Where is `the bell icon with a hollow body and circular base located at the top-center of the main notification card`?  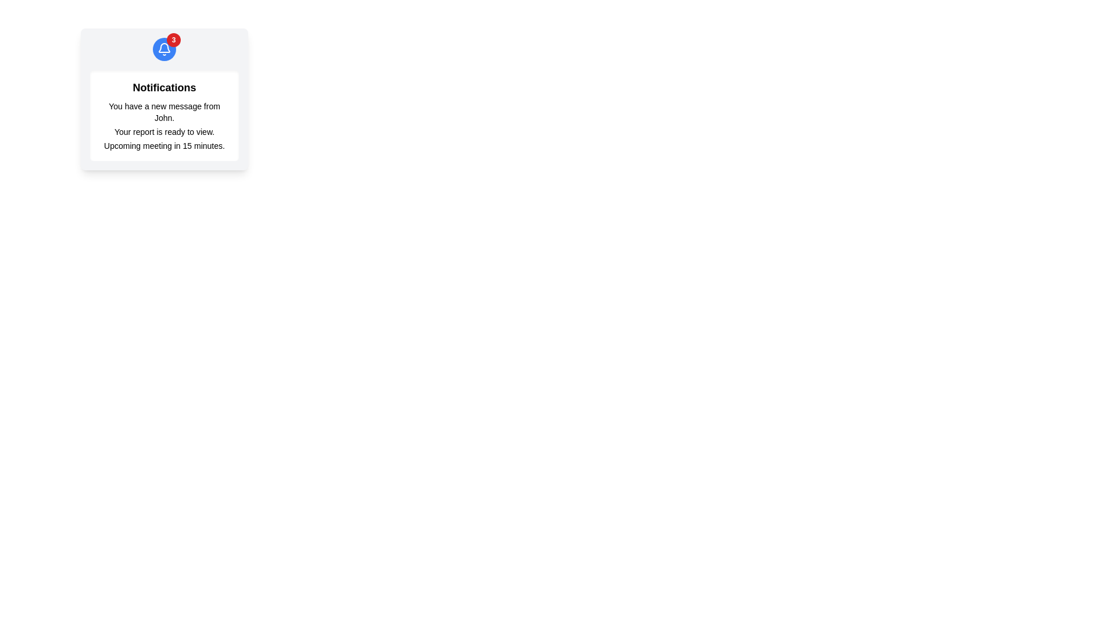 the bell icon with a hollow body and circular base located at the top-center of the main notification card is located at coordinates (164, 48).